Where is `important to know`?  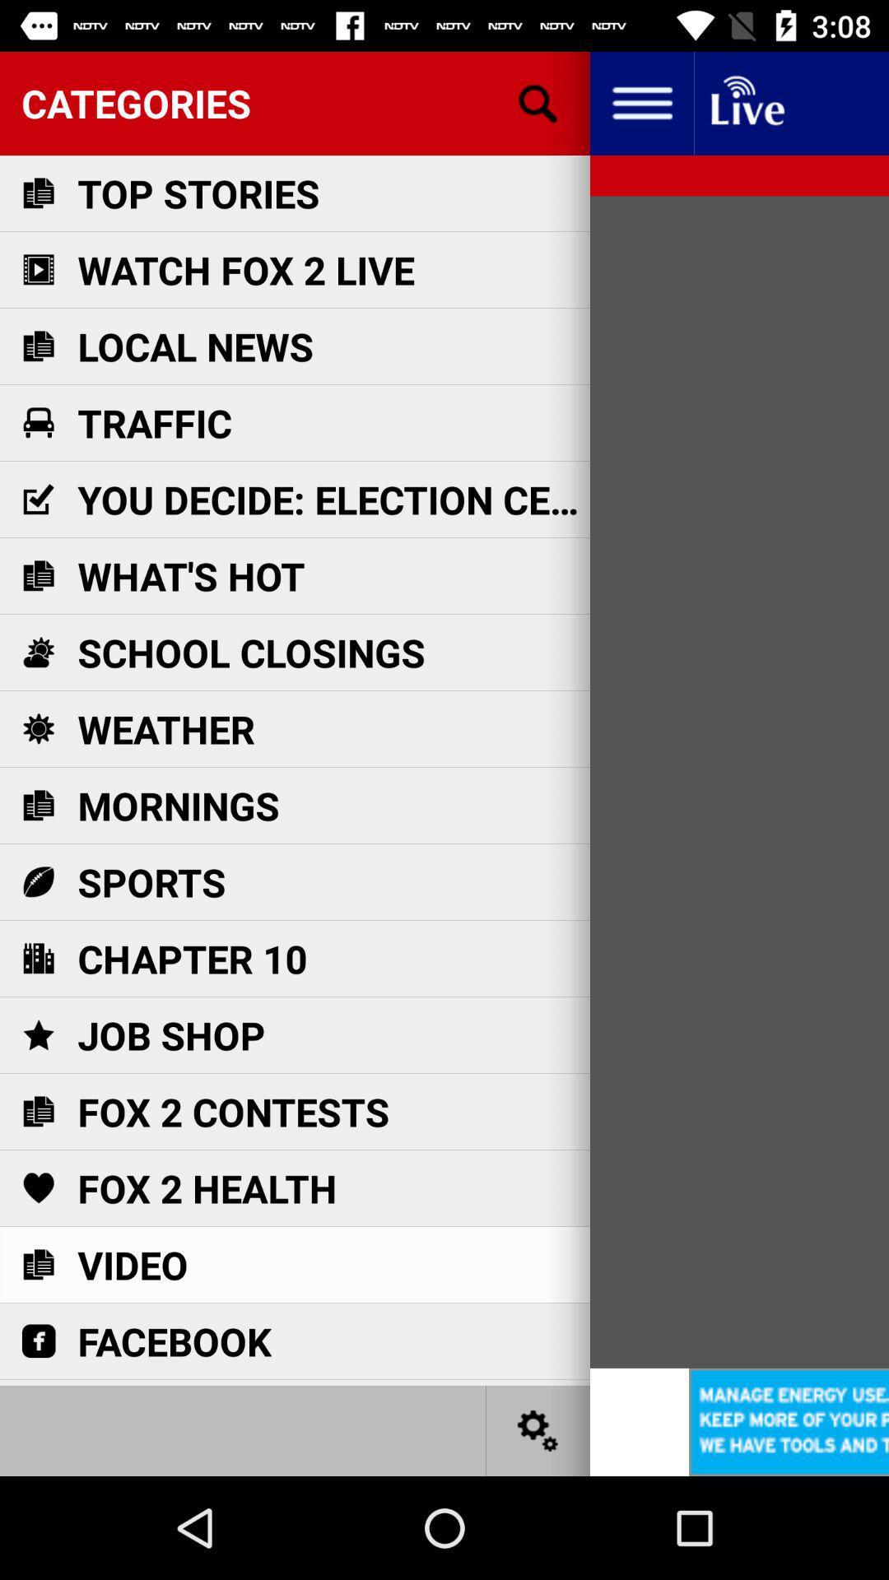
important to know is located at coordinates (746, 102).